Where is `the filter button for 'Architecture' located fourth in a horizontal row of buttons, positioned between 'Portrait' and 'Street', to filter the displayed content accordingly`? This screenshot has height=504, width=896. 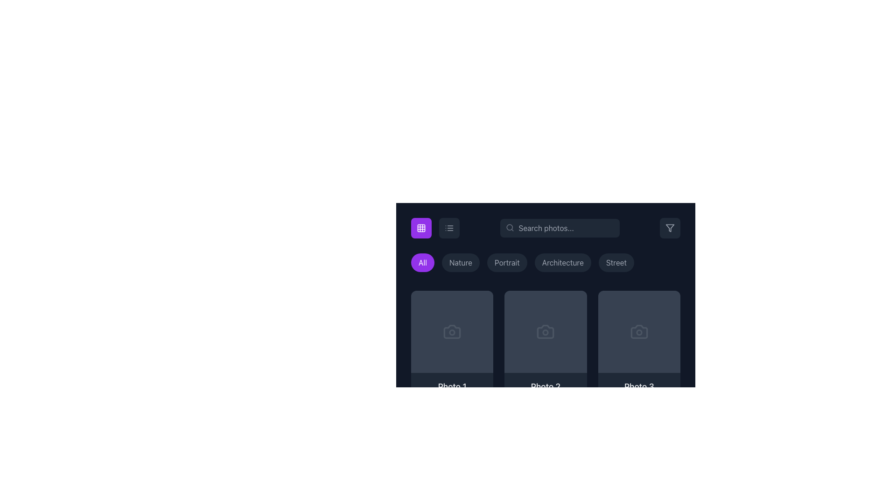 the filter button for 'Architecture' located fourth in a horizontal row of buttons, positioned between 'Portrait' and 'Street', to filter the displayed content accordingly is located at coordinates (562, 263).